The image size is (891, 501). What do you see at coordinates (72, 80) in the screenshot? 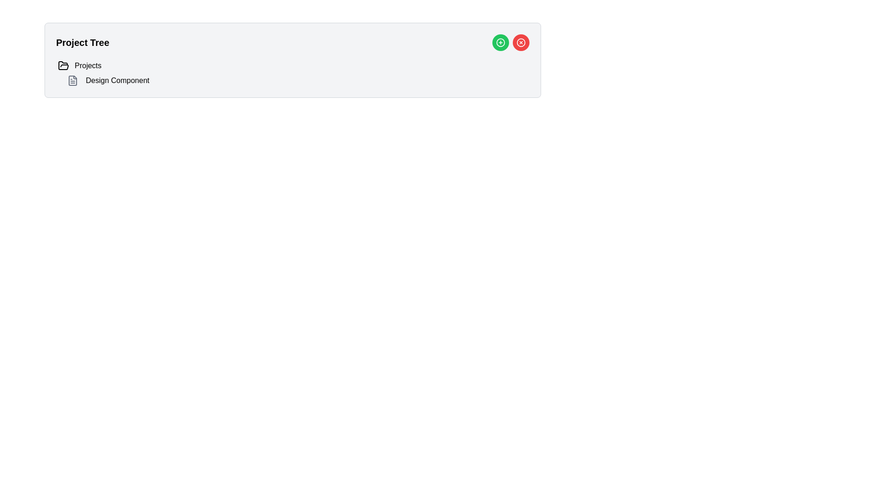
I see `the file/document icon associated with the 'Design Component' project for accessibility navigation` at bounding box center [72, 80].